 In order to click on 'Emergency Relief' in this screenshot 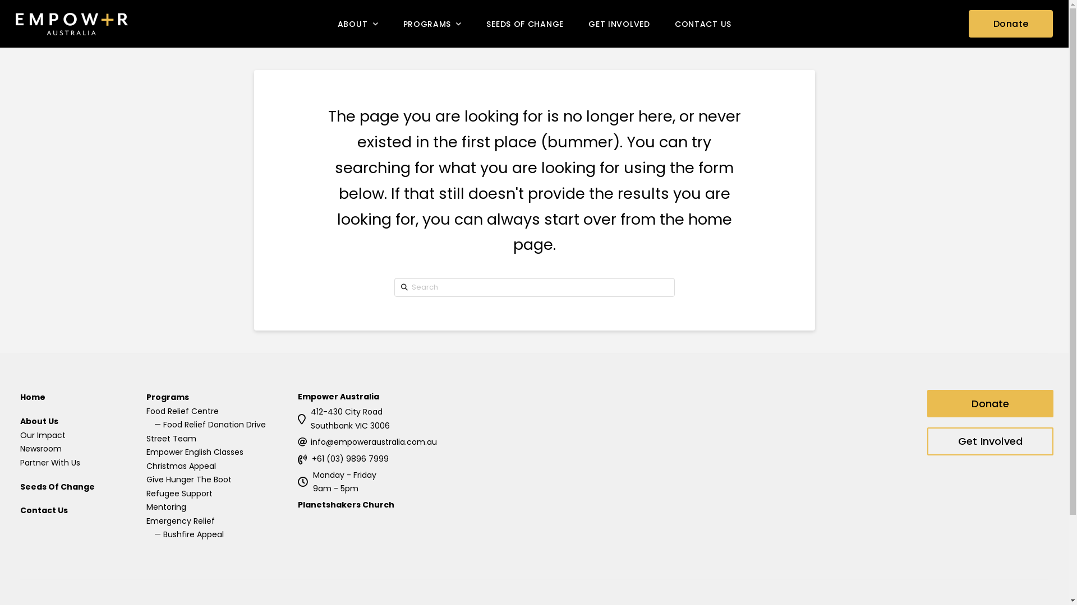, I will do `click(180, 520)`.